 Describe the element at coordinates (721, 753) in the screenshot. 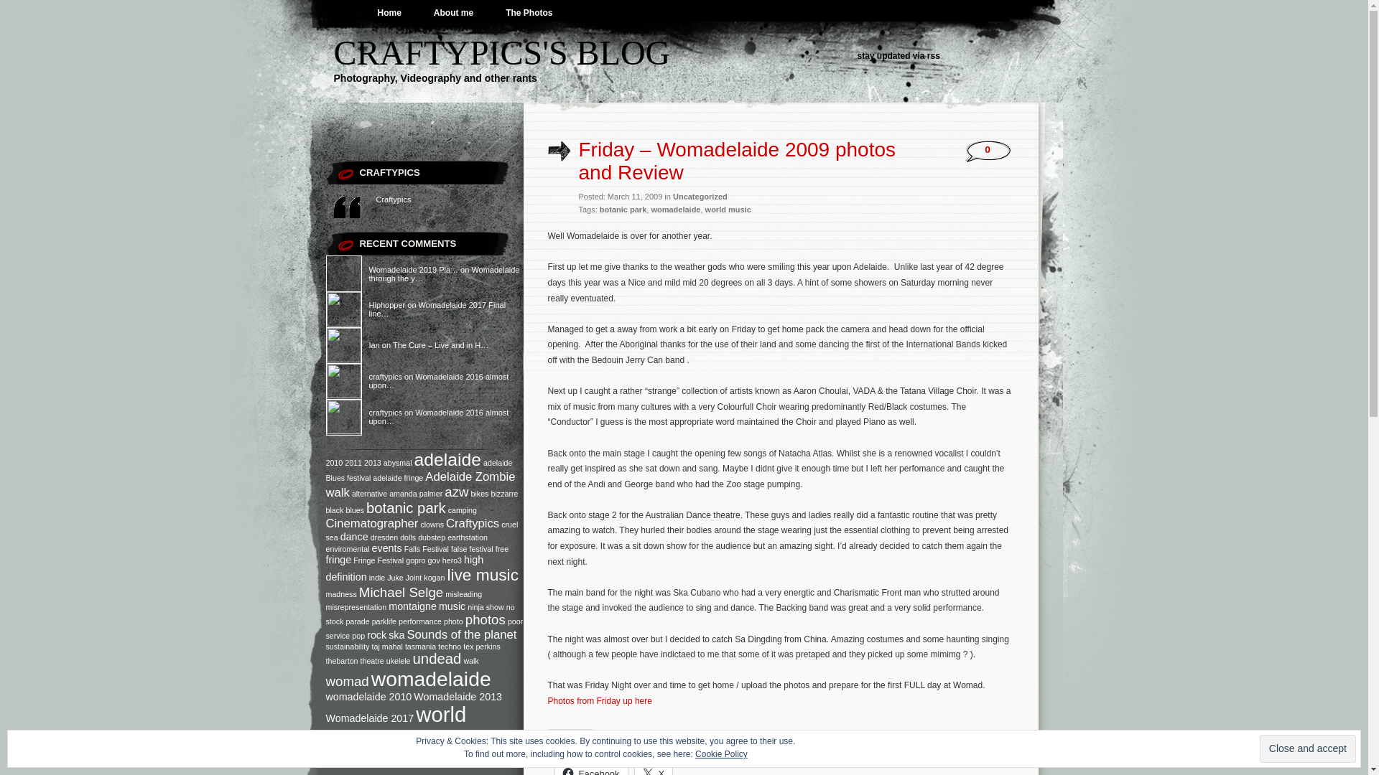

I see `'Cookie Policy'` at that location.